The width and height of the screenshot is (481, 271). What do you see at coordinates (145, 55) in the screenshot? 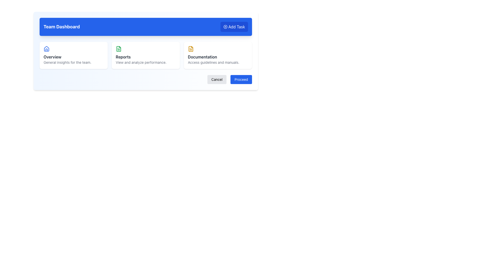
I see `the Information Card which is the second item in a three-column grid layout, displaying information headlines and descriptions` at bounding box center [145, 55].